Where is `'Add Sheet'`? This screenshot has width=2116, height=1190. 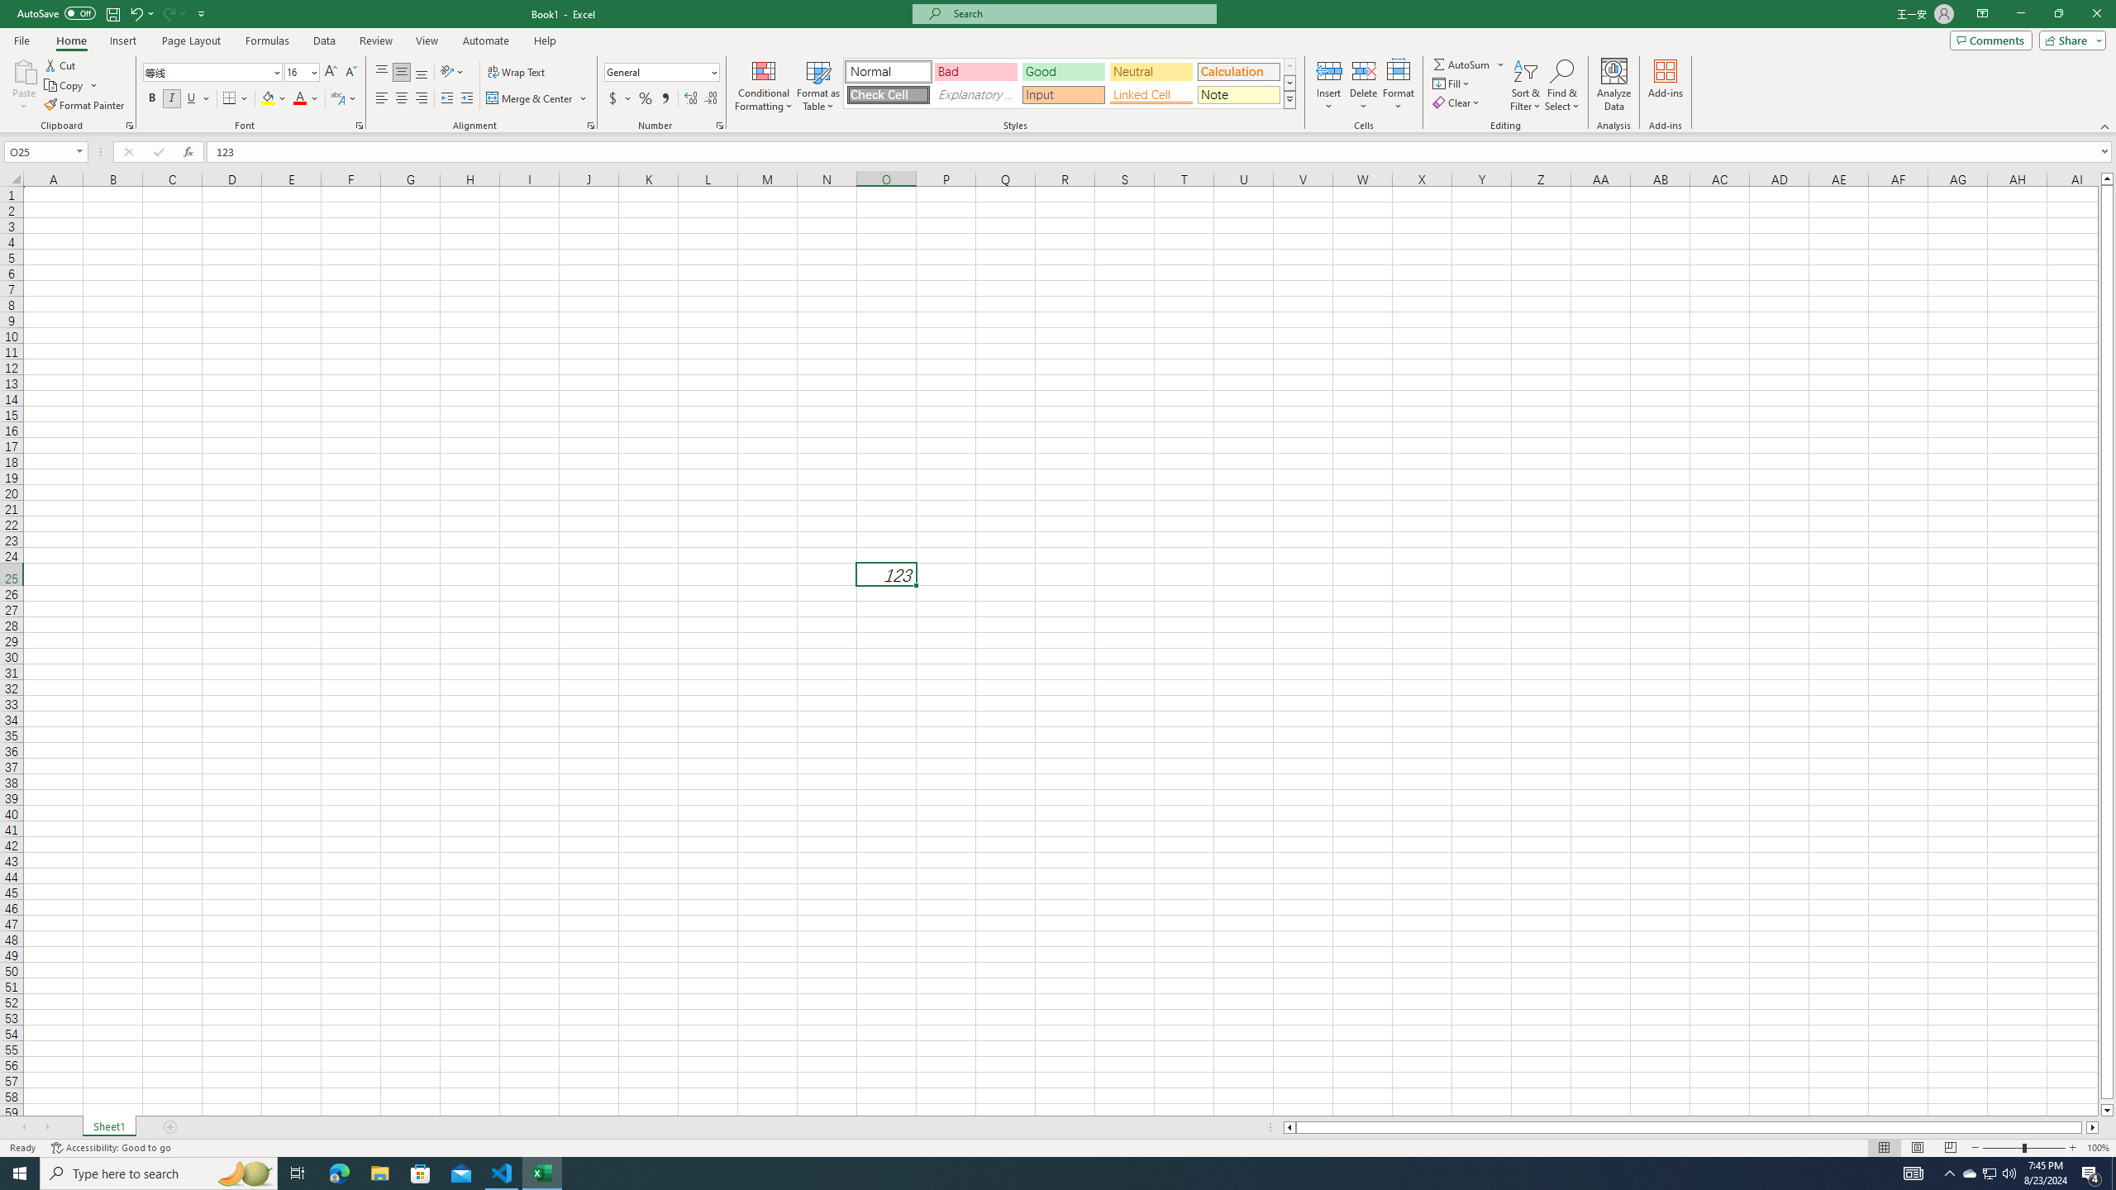 'Add Sheet' is located at coordinates (169, 1126).